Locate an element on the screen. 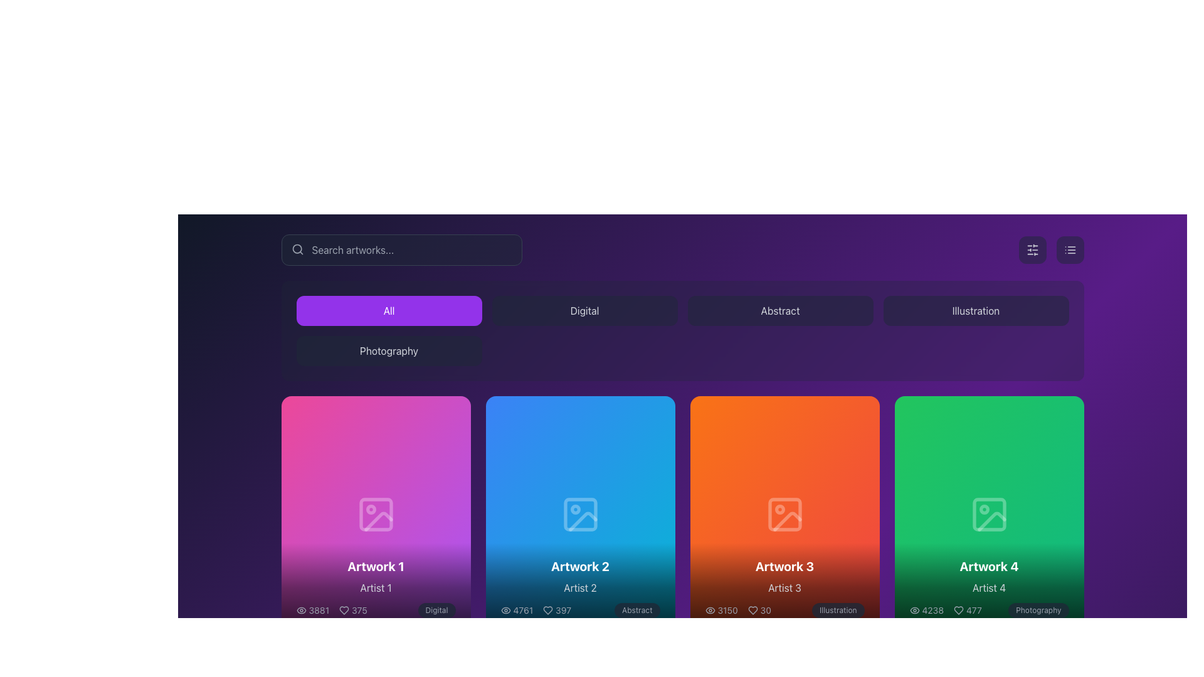 This screenshot has width=1204, height=677. the small circular graphical element within the fourth artwork card labeled 'Artwork 4', located in the upper-left region of the picture component is located at coordinates (983, 509).